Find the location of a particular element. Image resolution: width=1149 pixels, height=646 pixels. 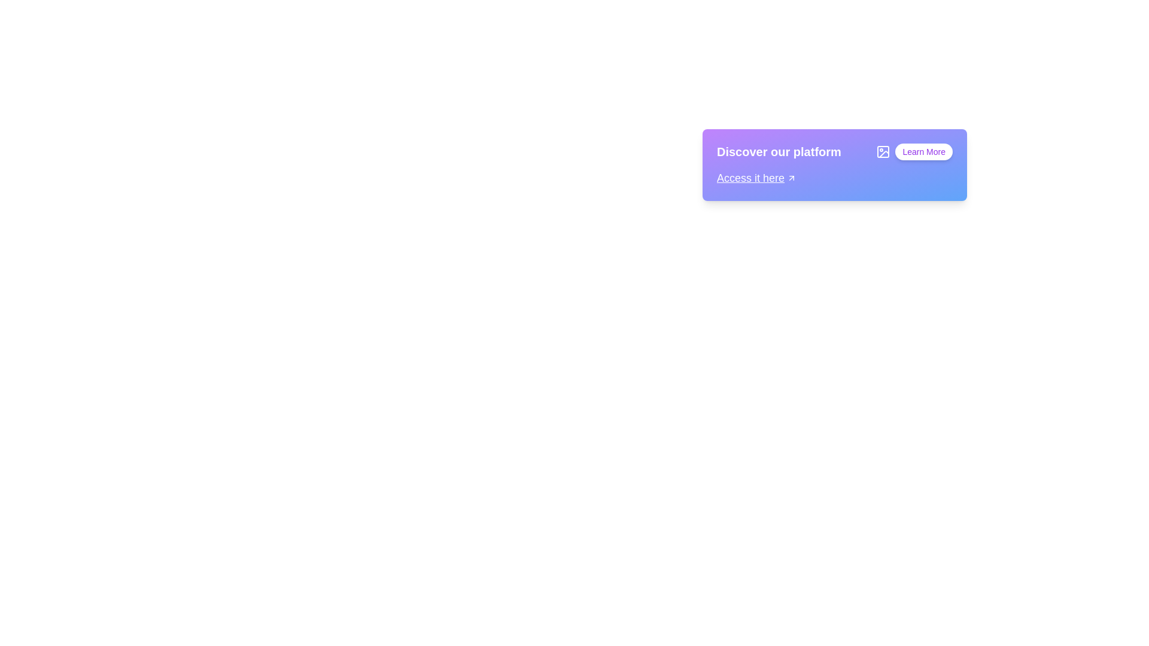

the text element that serves as a hyperlink, which is located in the bottom-left section of a purple-to-blue gradient box, next to an arrow icon and below the phrase 'Discover our platform' is located at coordinates (750, 178).